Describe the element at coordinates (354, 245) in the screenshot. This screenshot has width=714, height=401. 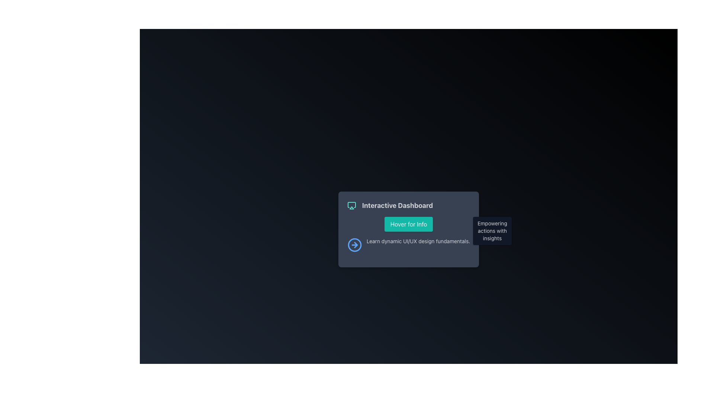
I see `the circular arrow icon with a blue outline, positioned to the left of the text 'Learn dynamic UI/UX design fundamentals.'` at that location.